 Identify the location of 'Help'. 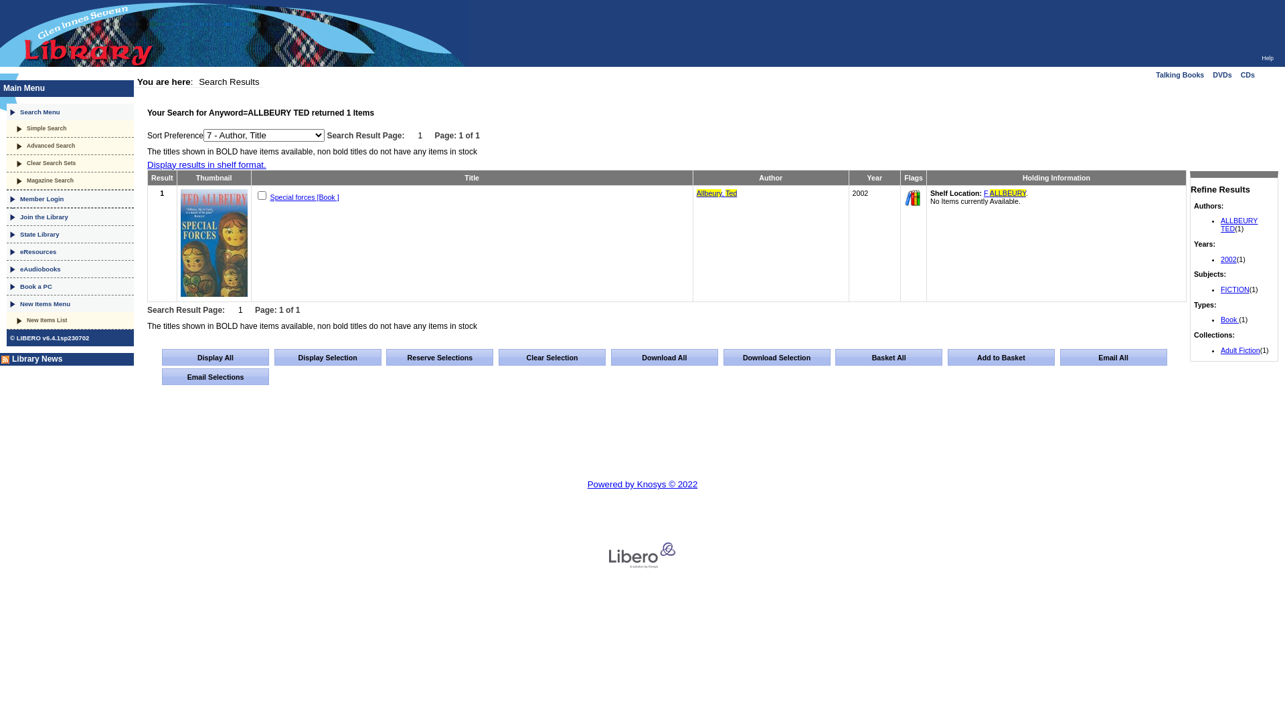
(1267, 57).